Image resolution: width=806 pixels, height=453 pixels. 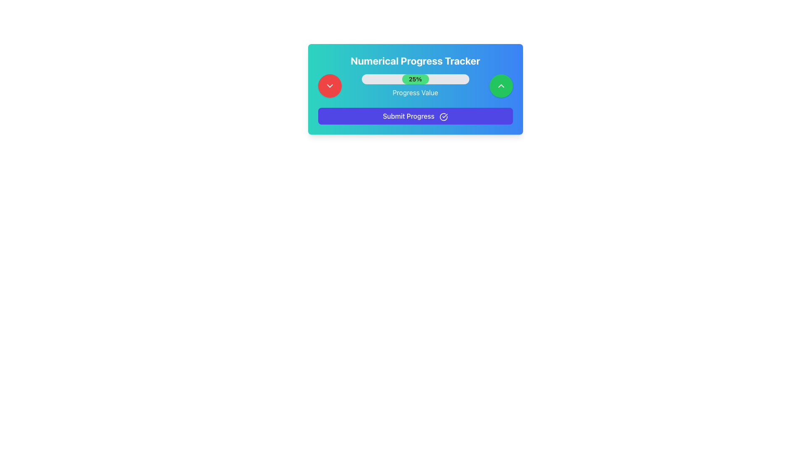 I want to click on the Combined progress bar and label component that visually represents the user's current progress as a percentage, located below the title 'Numerical Progress Tracker' and above the 'Submit Progress' button, so click(x=415, y=86).